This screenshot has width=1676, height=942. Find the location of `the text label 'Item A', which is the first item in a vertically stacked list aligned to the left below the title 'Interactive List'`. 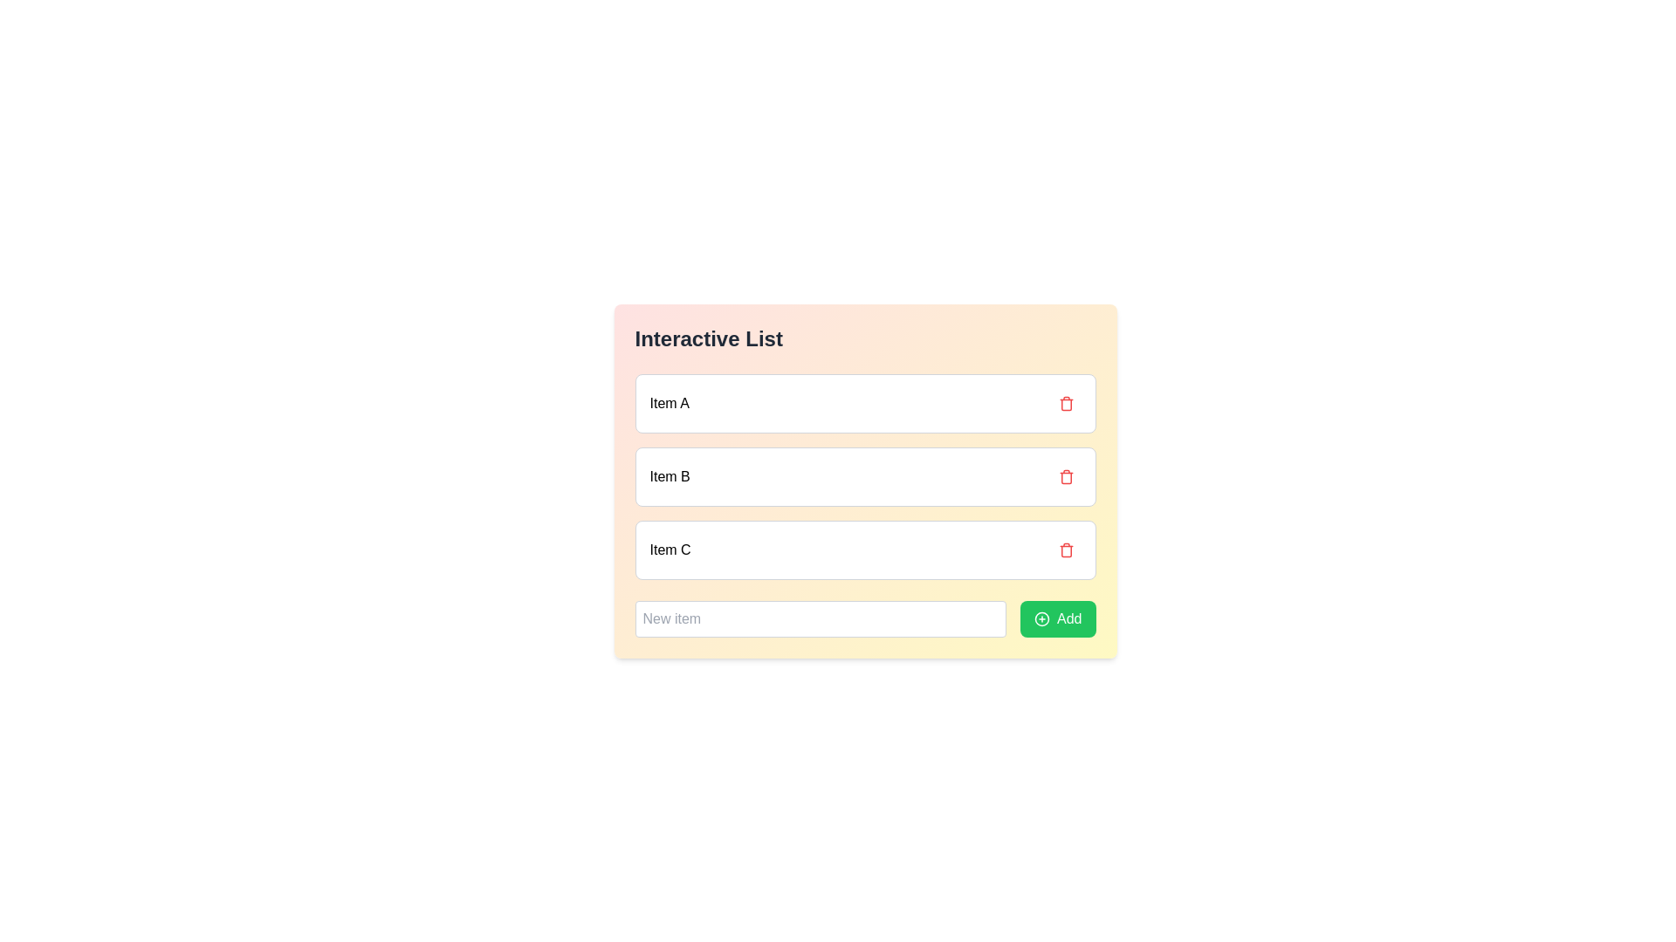

the text label 'Item A', which is the first item in a vertically stacked list aligned to the left below the title 'Interactive List' is located at coordinates (669, 403).